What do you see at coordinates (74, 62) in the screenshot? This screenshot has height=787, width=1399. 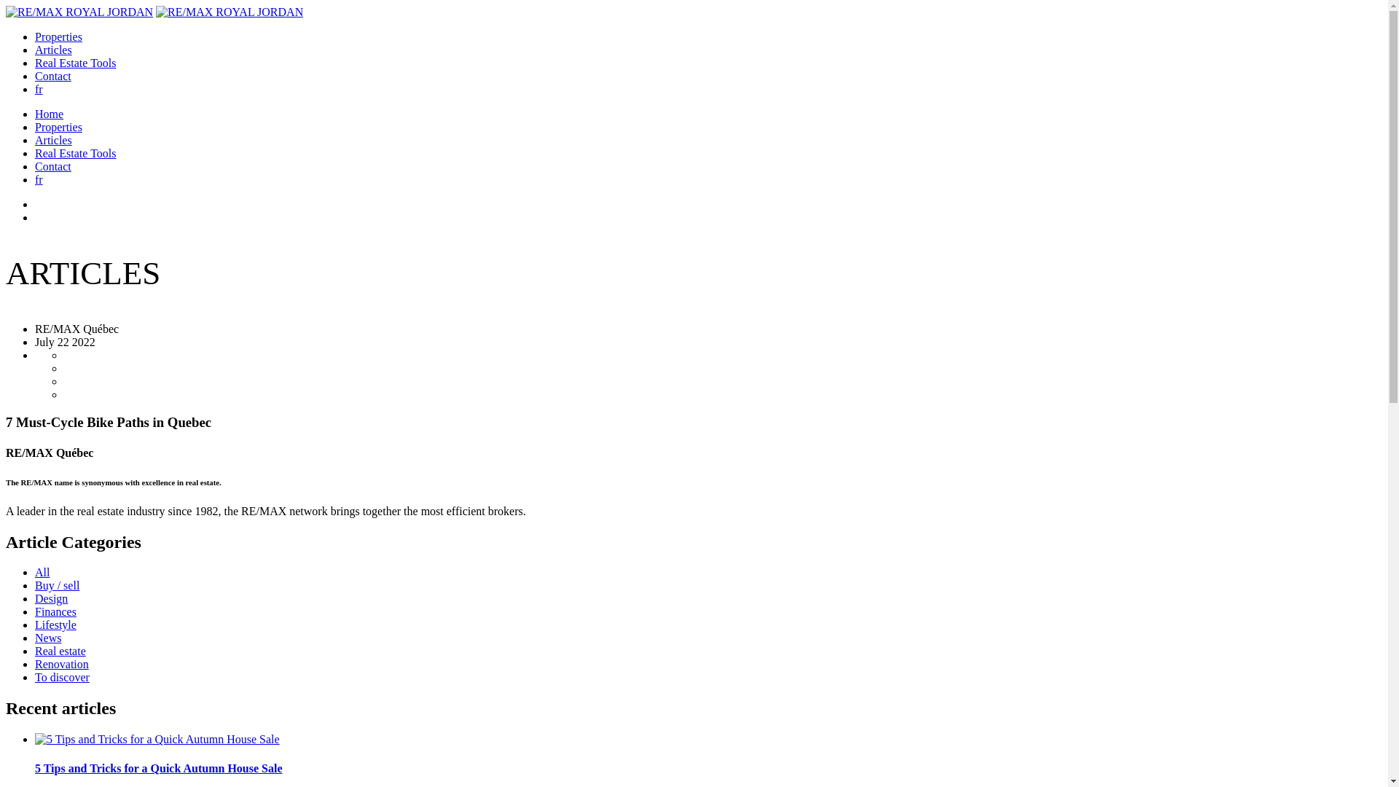 I see `'Real Estate Tools'` at bounding box center [74, 62].